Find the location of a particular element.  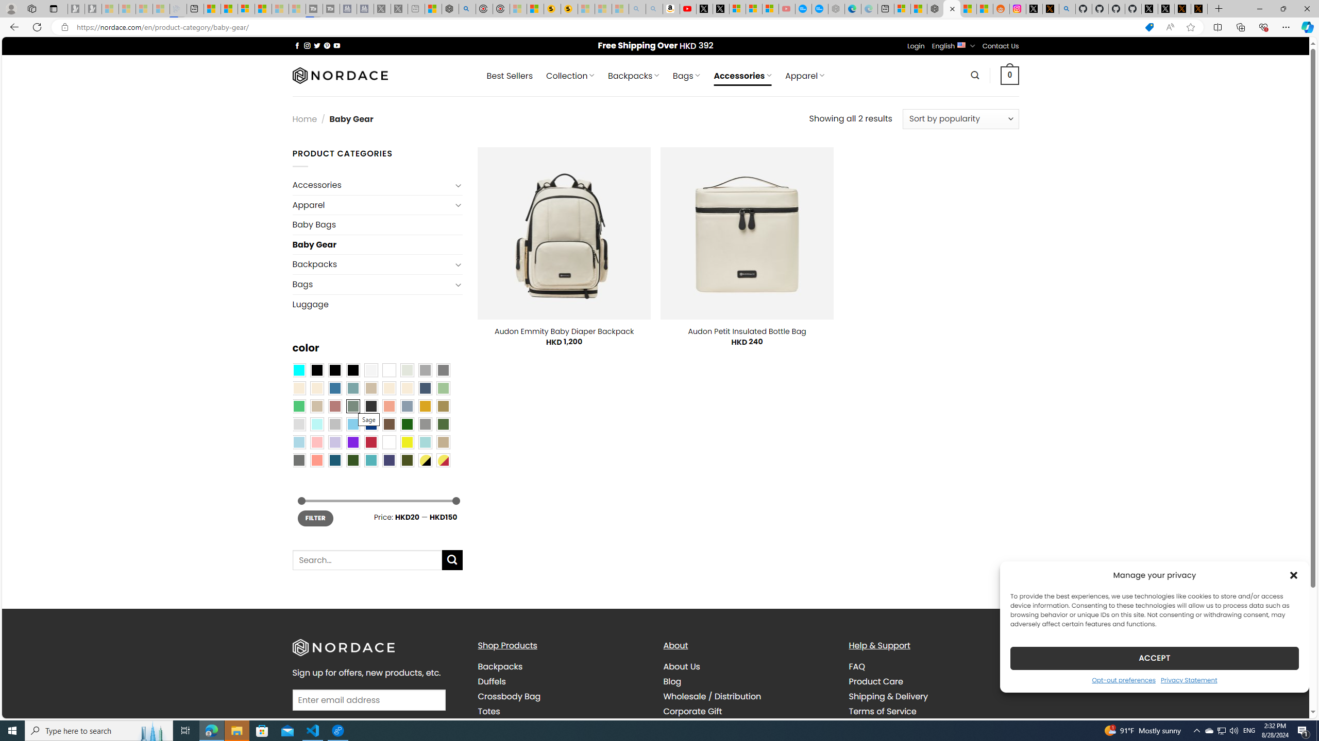

'Peach Pink' is located at coordinates (316, 460).